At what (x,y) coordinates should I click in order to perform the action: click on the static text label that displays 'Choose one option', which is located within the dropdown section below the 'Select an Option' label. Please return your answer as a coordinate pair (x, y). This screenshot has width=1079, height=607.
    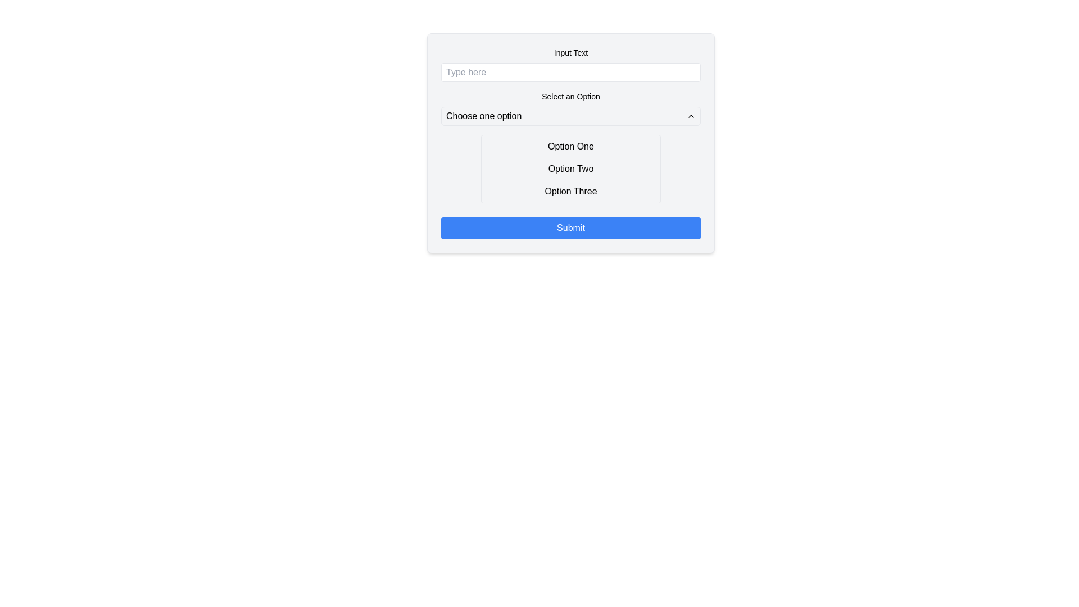
    Looking at the image, I should click on (484, 116).